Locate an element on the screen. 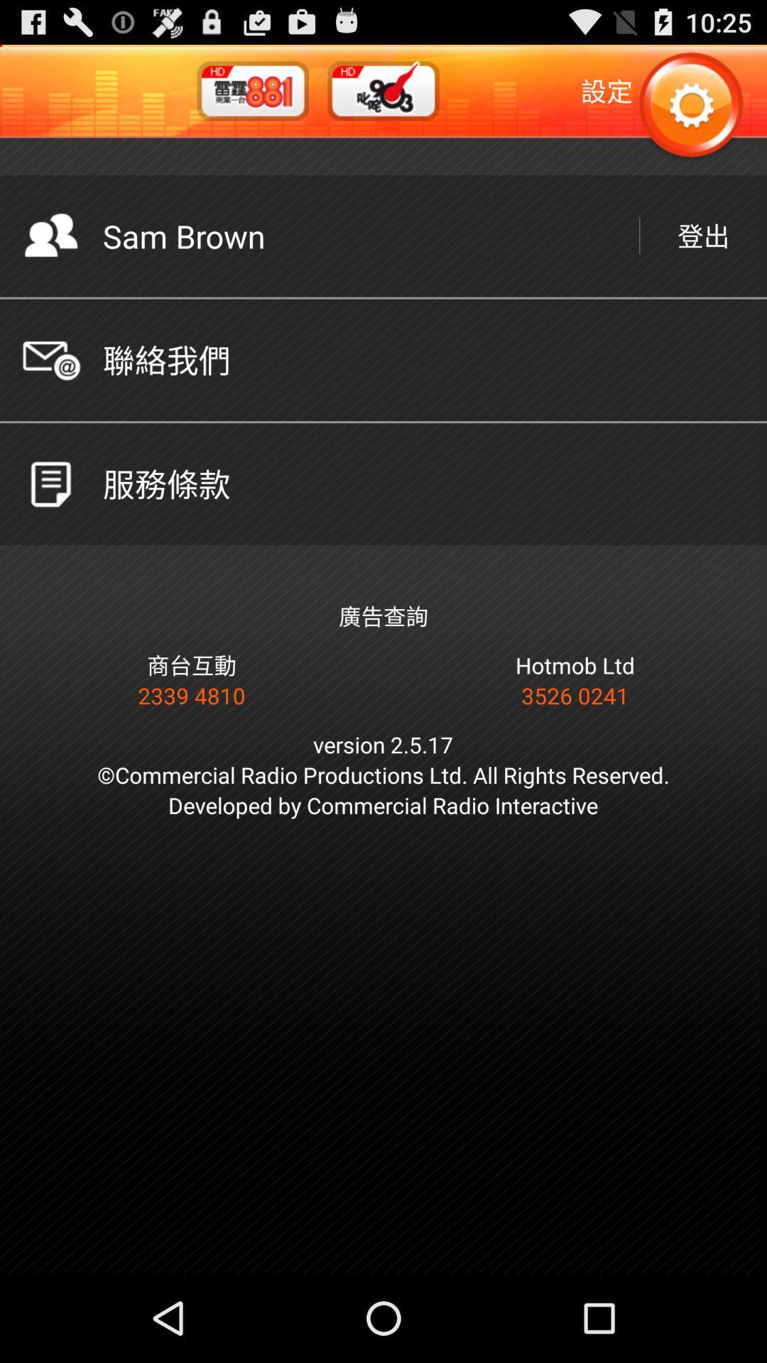 Image resolution: width=767 pixels, height=1363 pixels. the settings icon is located at coordinates (690, 114).